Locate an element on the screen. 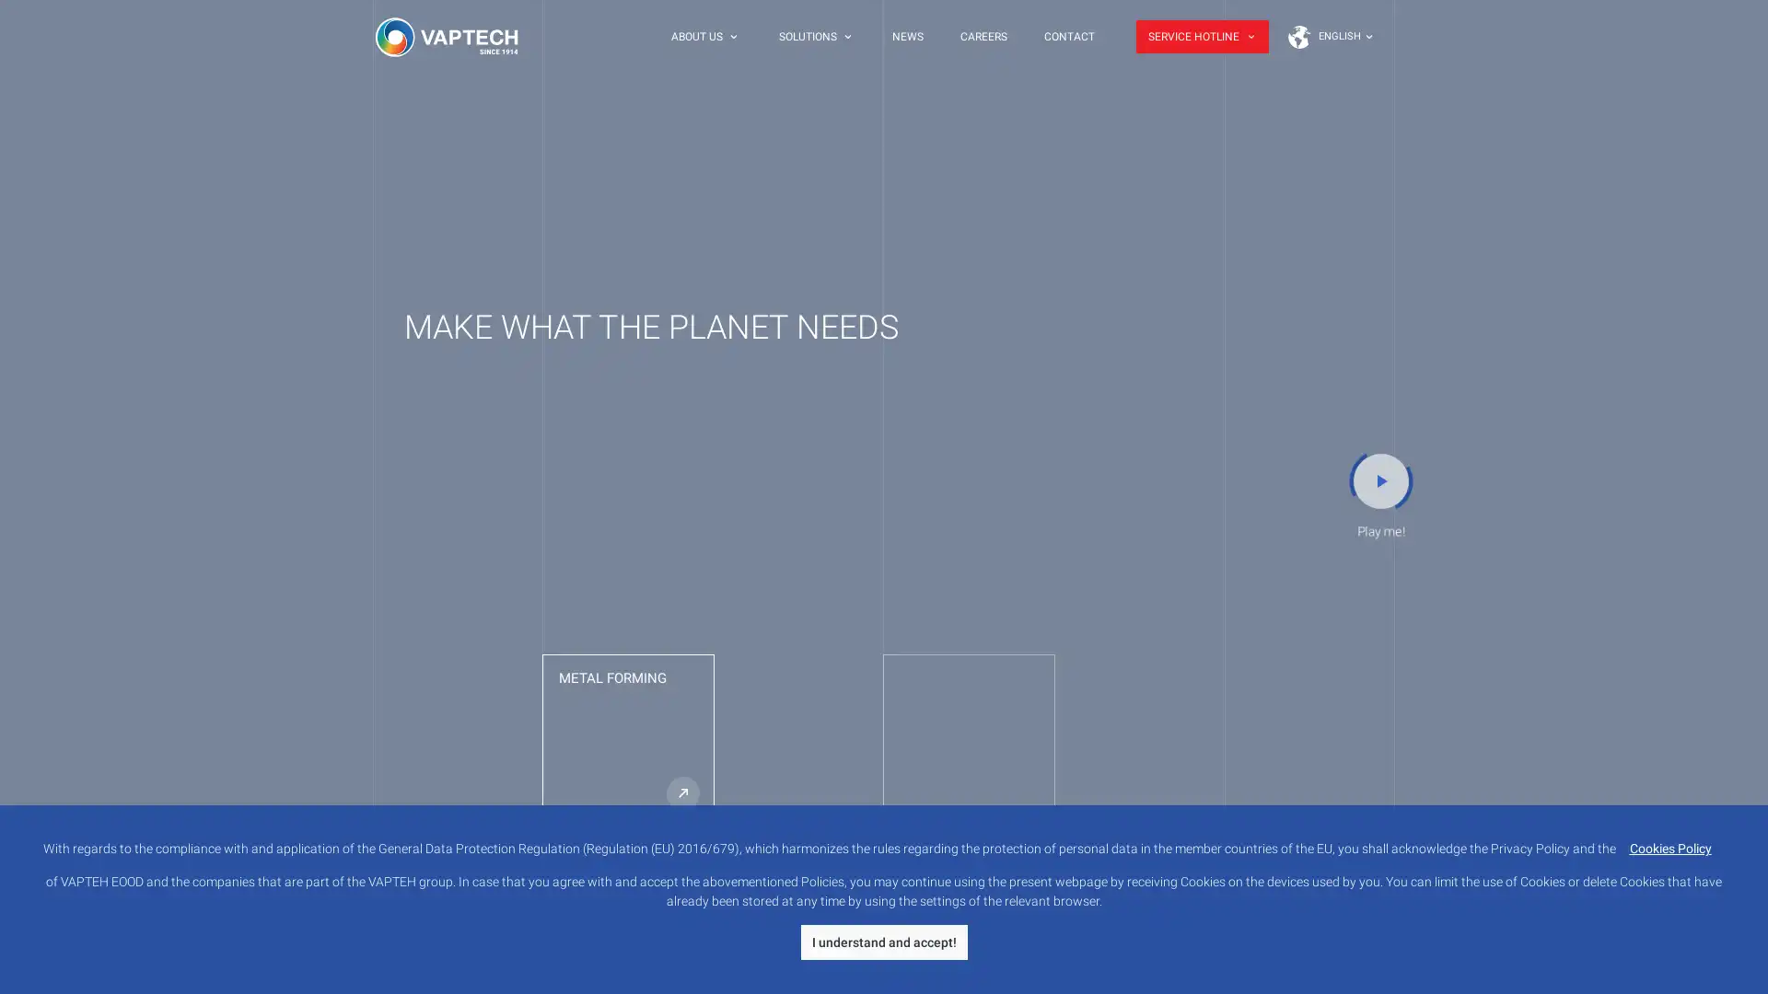 Image resolution: width=1768 pixels, height=994 pixels. ABOUT US keyboard_arrow_down is located at coordinates (704, 36).